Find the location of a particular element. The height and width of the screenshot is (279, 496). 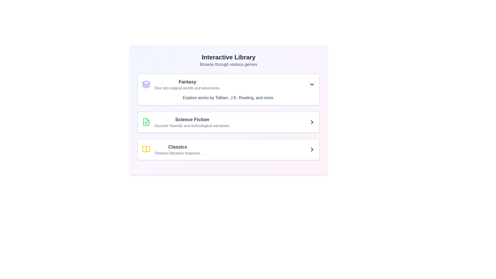

the Text block that serves as a header for the sections labeled 'Fantasy,' 'Science Fiction,' and 'Classics.' is located at coordinates (228, 60).